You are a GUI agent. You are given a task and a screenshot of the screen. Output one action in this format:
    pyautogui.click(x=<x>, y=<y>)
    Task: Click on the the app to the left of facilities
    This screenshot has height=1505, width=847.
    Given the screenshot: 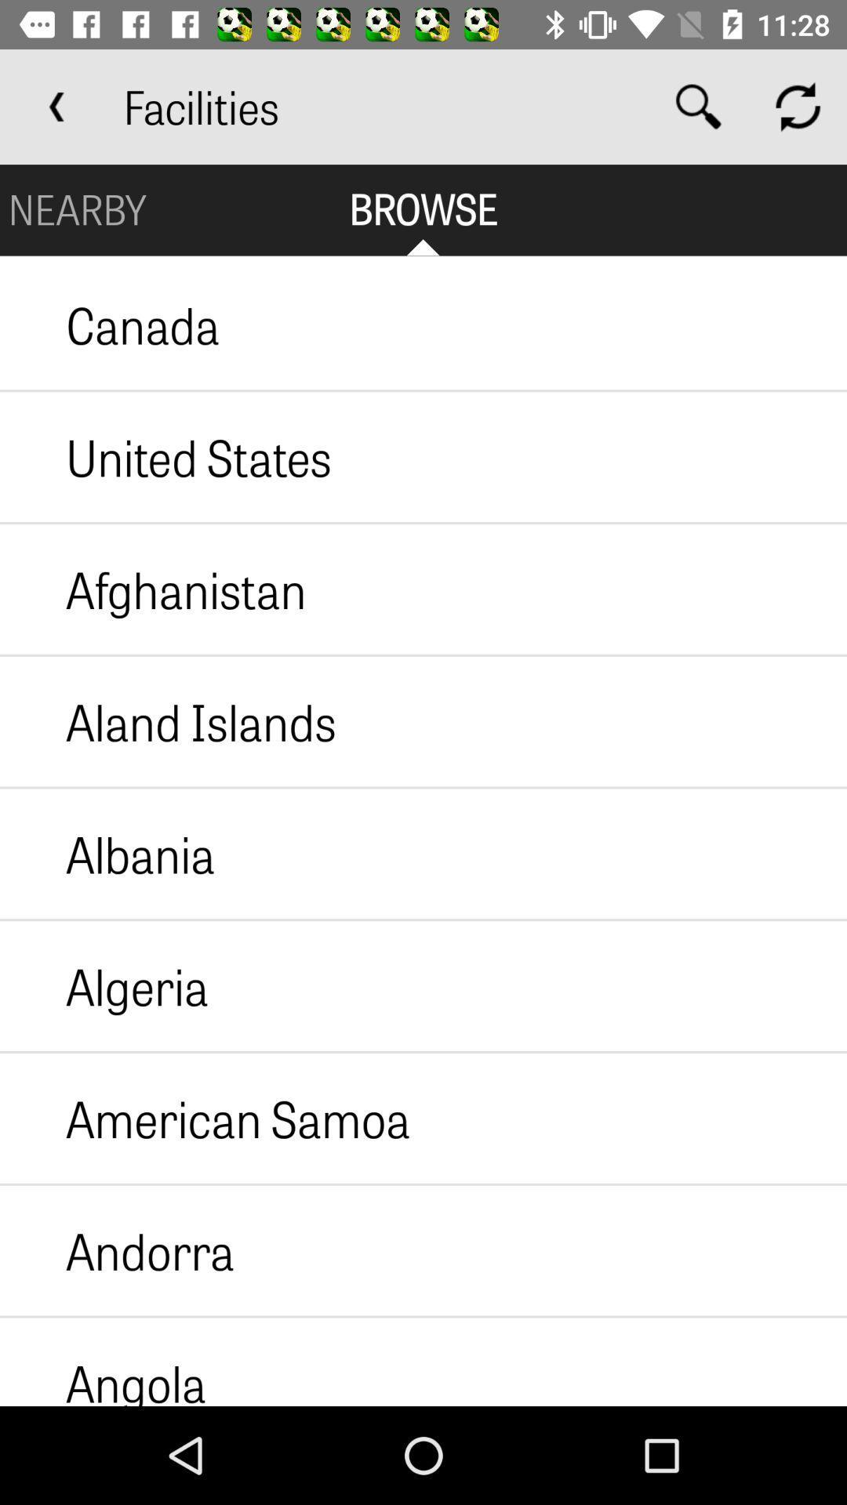 What is the action you would take?
    pyautogui.click(x=56, y=106)
    